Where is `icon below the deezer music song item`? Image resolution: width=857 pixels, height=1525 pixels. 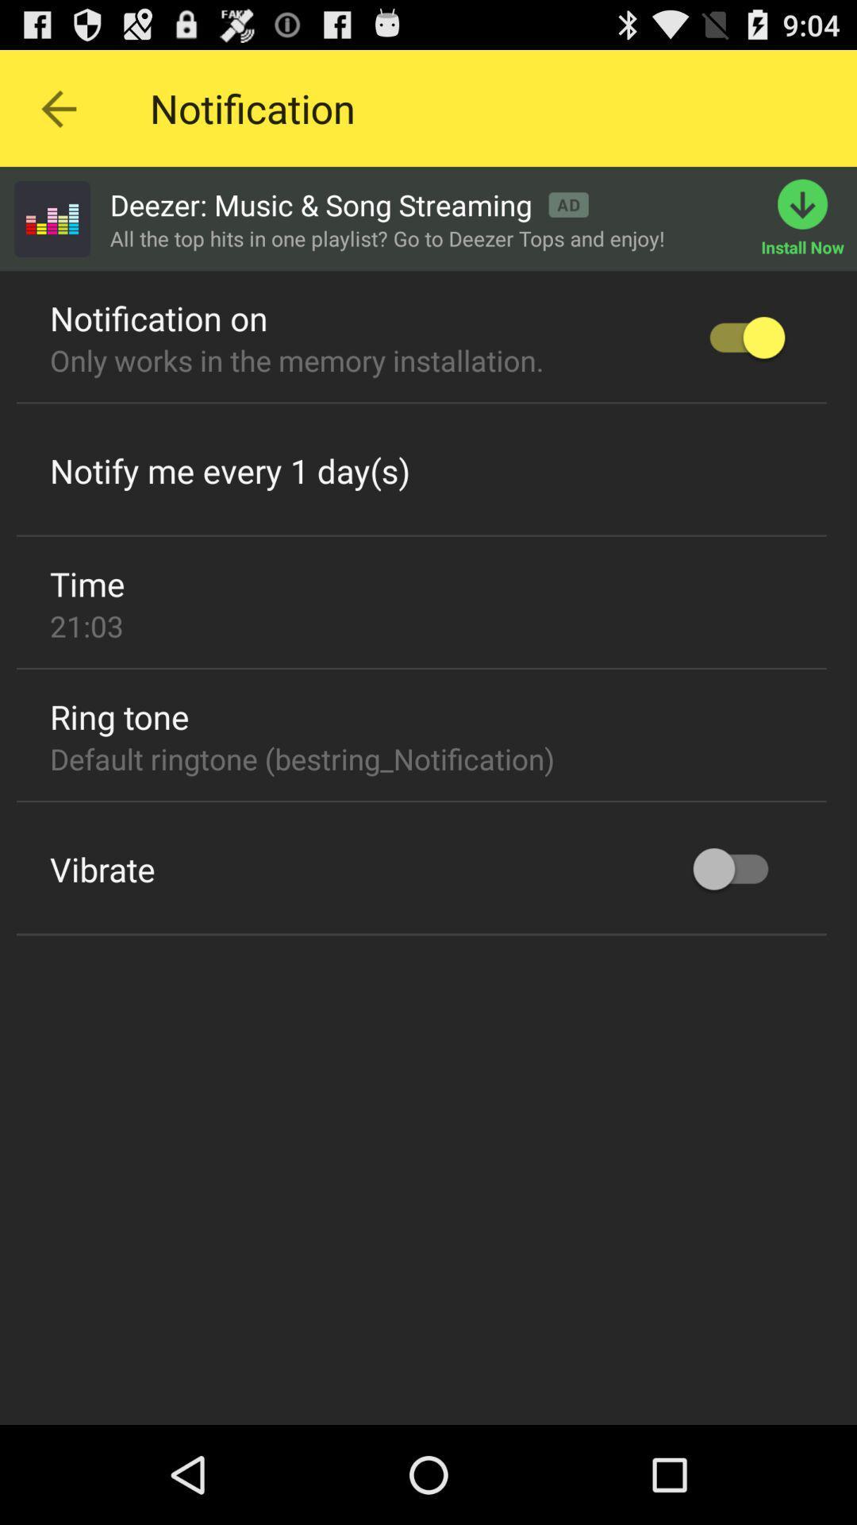
icon below the deezer music song item is located at coordinates (387, 237).